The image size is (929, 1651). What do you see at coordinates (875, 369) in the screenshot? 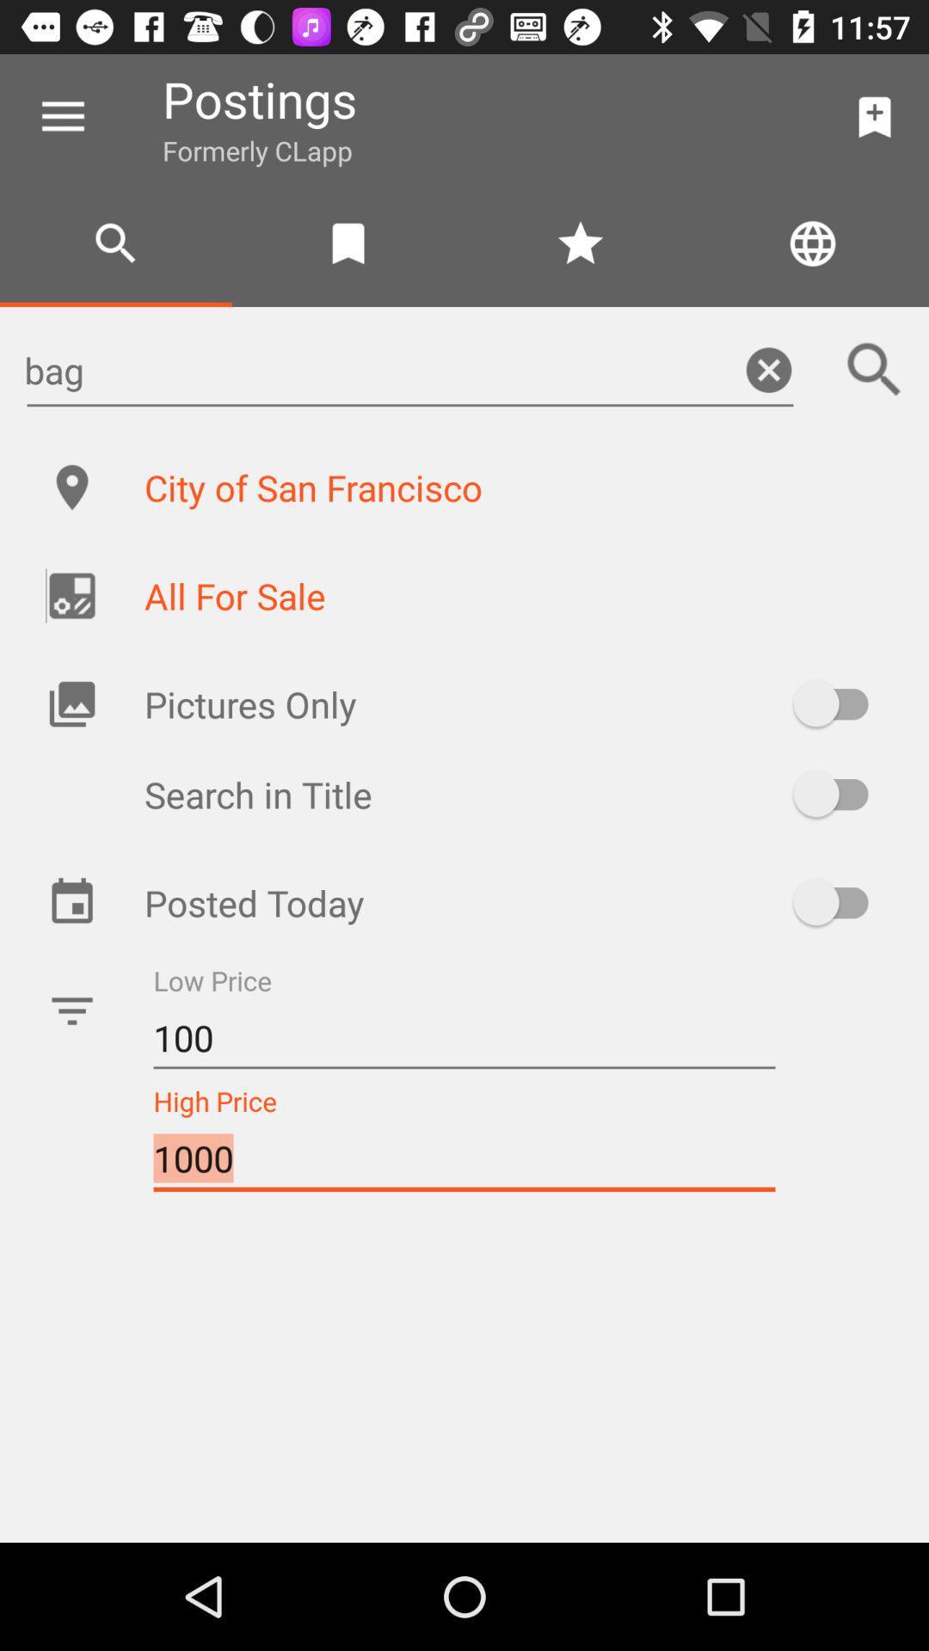
I see `search box` at bounding box center [875, 369].